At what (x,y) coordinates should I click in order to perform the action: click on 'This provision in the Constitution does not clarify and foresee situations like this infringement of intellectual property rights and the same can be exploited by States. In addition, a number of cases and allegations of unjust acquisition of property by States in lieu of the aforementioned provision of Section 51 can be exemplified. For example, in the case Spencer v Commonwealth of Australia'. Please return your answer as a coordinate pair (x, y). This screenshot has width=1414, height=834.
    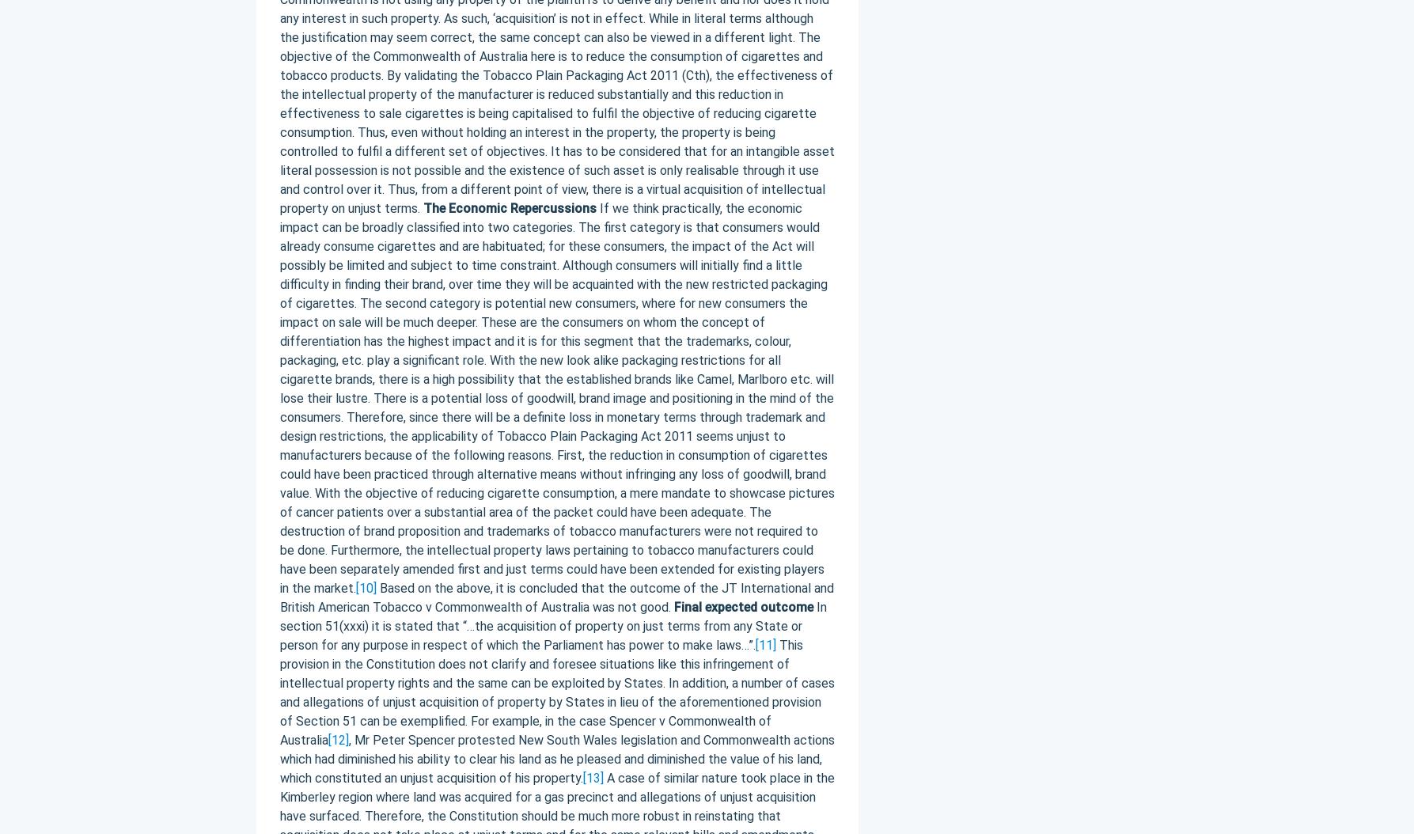
    Looking at the image, I should click on (555, 692).